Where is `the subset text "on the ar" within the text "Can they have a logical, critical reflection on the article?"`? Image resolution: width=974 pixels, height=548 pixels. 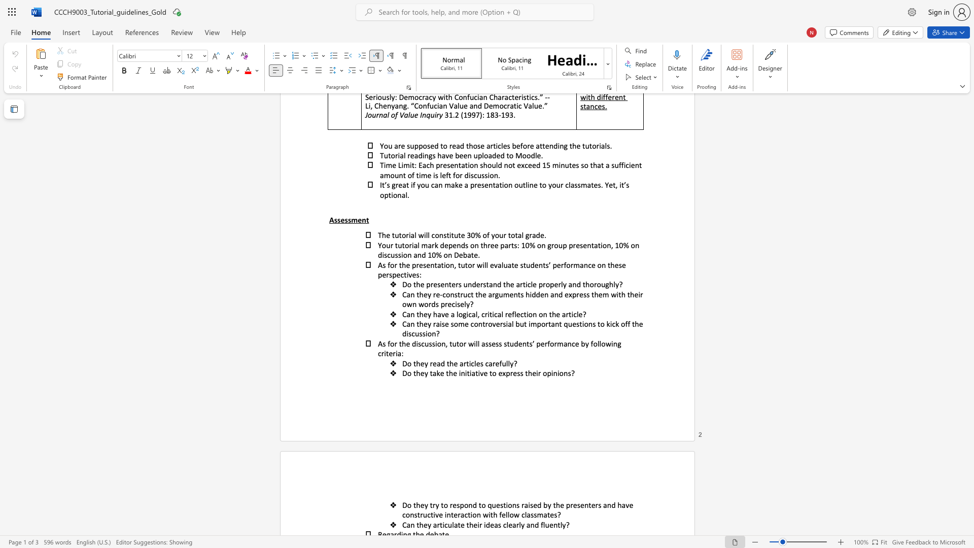 the subset text "on the ar" within the text "Can they have a logical, critical reflection on the article?" is located at coordinates (538, 314).